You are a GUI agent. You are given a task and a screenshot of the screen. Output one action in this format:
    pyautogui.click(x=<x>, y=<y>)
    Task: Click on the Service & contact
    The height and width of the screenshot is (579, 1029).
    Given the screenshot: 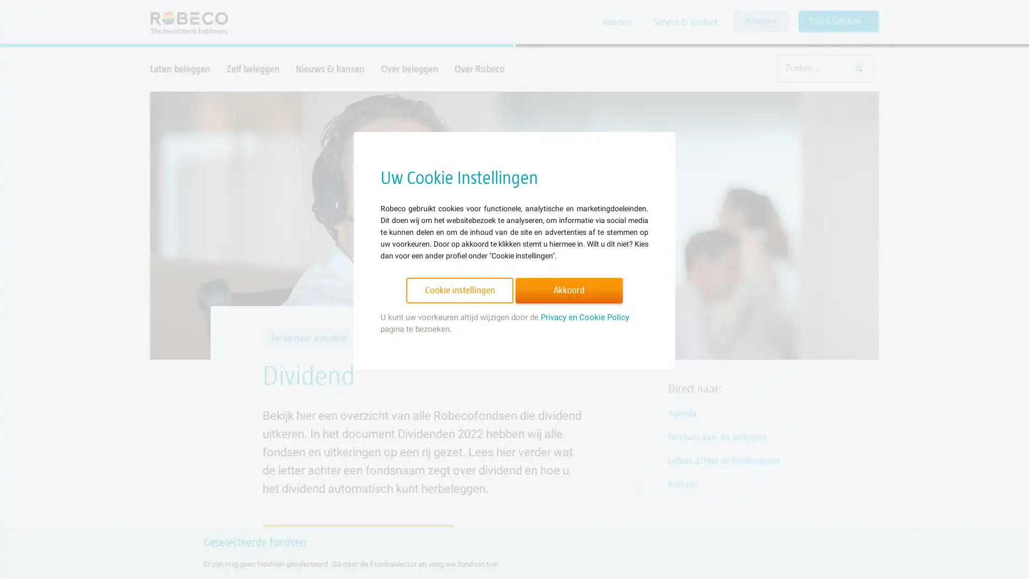 What is the action you would take?
    pyautogui.click(x=684, y=23)
    